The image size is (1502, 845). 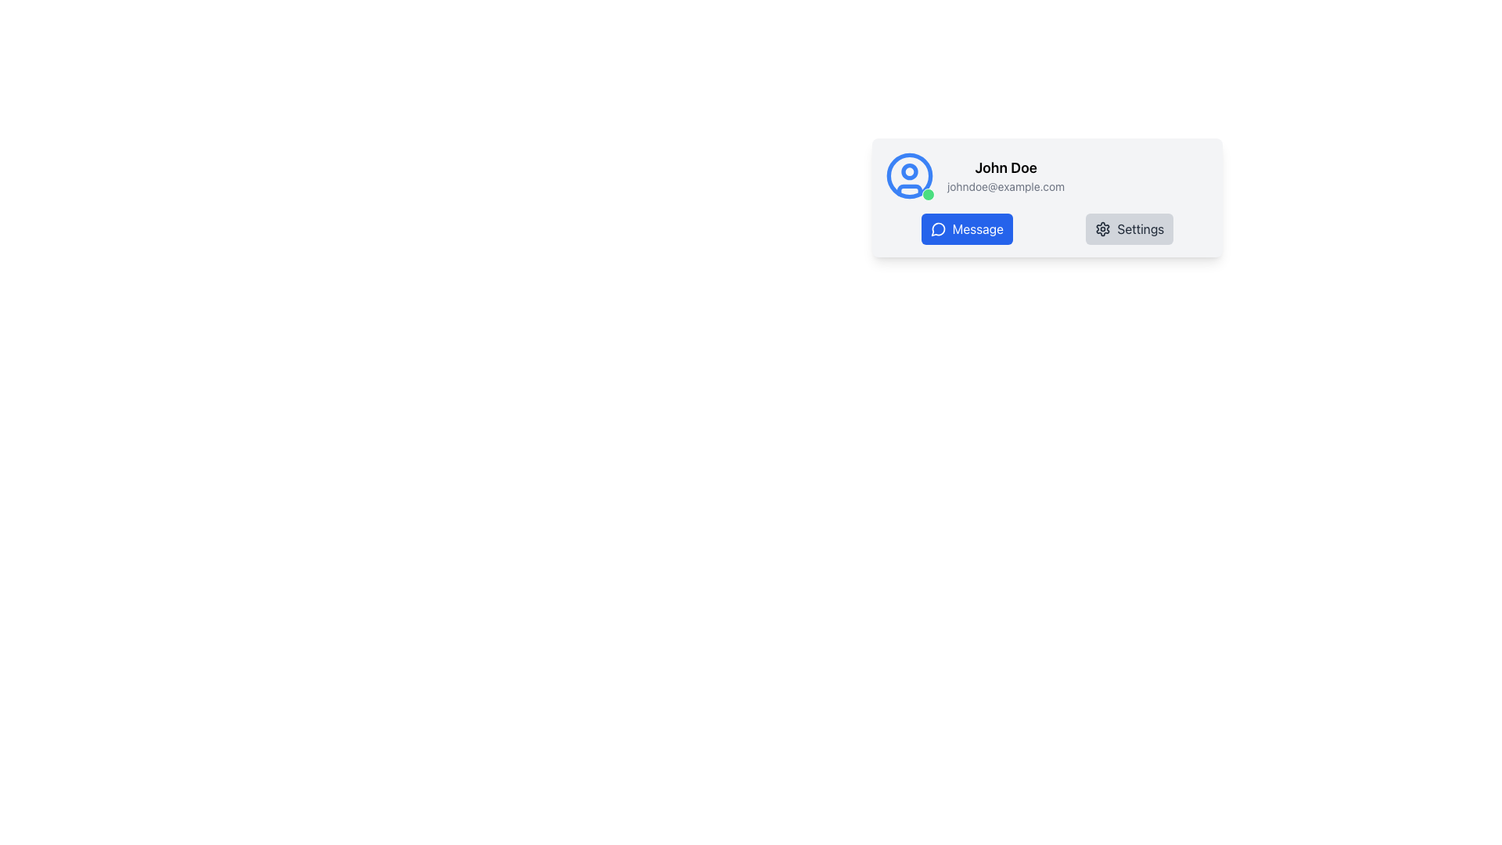 What do you see at coordinates (909, 171) in the screenshot?
I see `the small circular profile representation located at the top center of the larger circular icon in the interface header` at bounding box center [909, 171].